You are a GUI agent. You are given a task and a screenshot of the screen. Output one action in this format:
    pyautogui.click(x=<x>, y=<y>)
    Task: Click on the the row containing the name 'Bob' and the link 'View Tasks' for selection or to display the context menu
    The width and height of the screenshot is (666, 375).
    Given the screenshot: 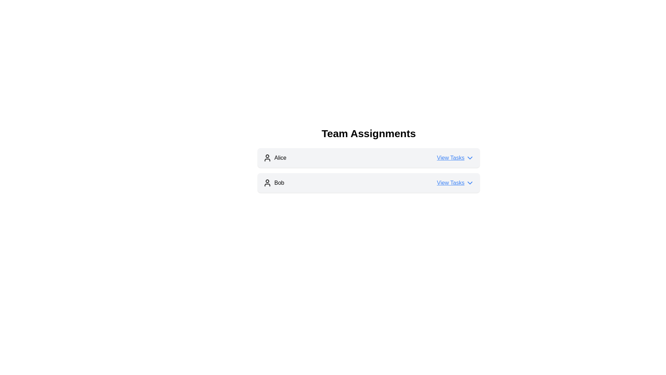 What is the action you would take?
    pyautogui.click(x=368, y=183)
    